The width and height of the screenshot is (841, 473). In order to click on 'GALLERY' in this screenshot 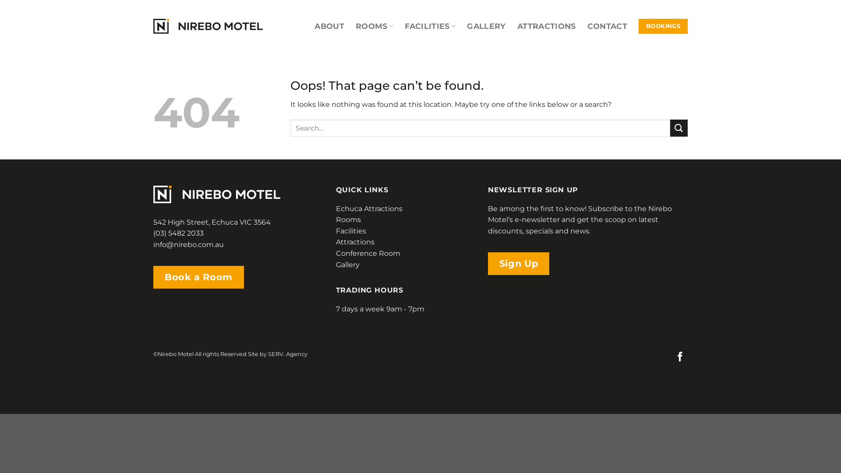, I will do `click(485, 26)`.